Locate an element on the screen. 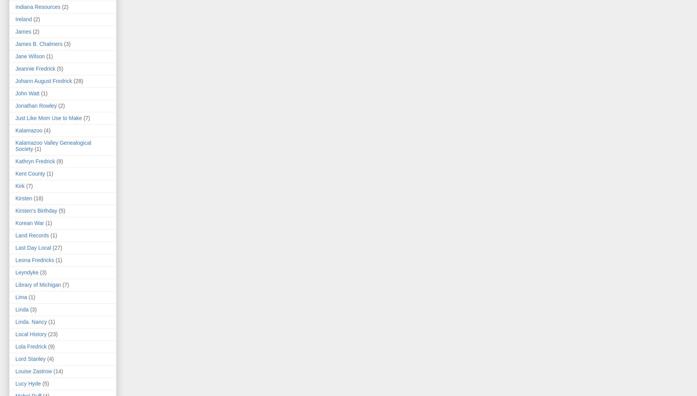 The width and height of the screenshot is (697, 396). 'Louise Zastrow' is located at coordinates (33, 371).